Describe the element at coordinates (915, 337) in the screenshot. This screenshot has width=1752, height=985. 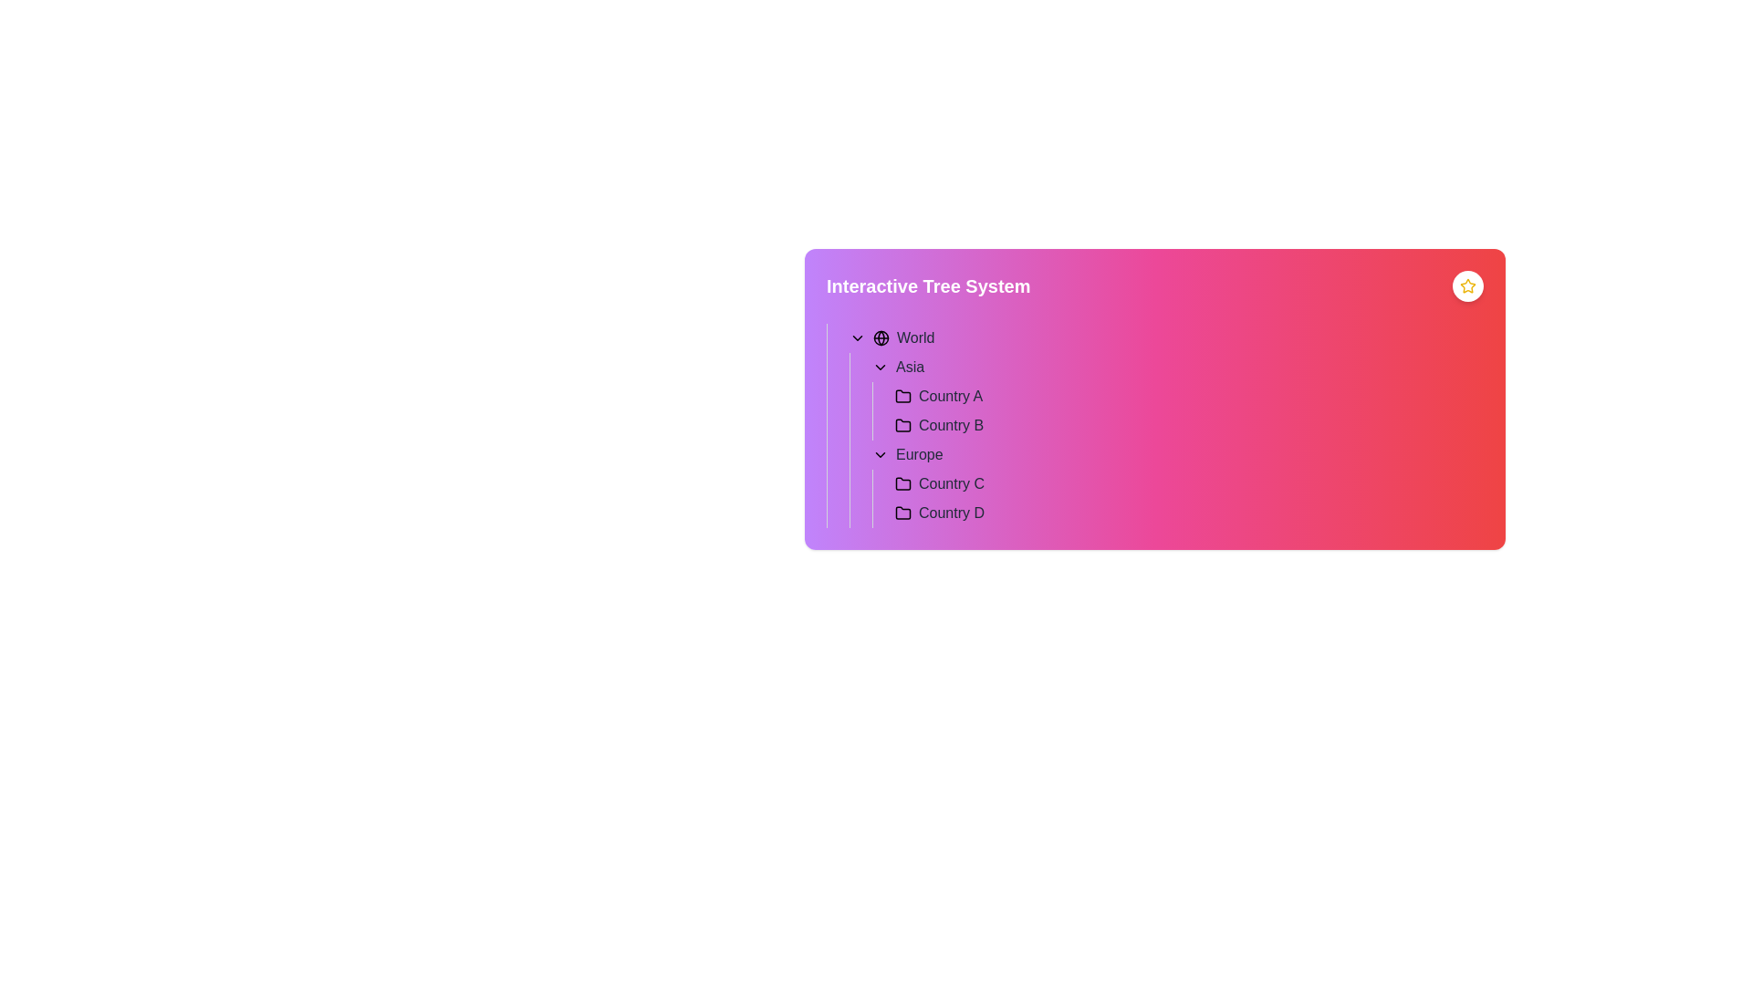
I see `the text element containing the word 'World' styled with medium font weight and dark gray color, located in a hierarchical tree structure interface` at that location.